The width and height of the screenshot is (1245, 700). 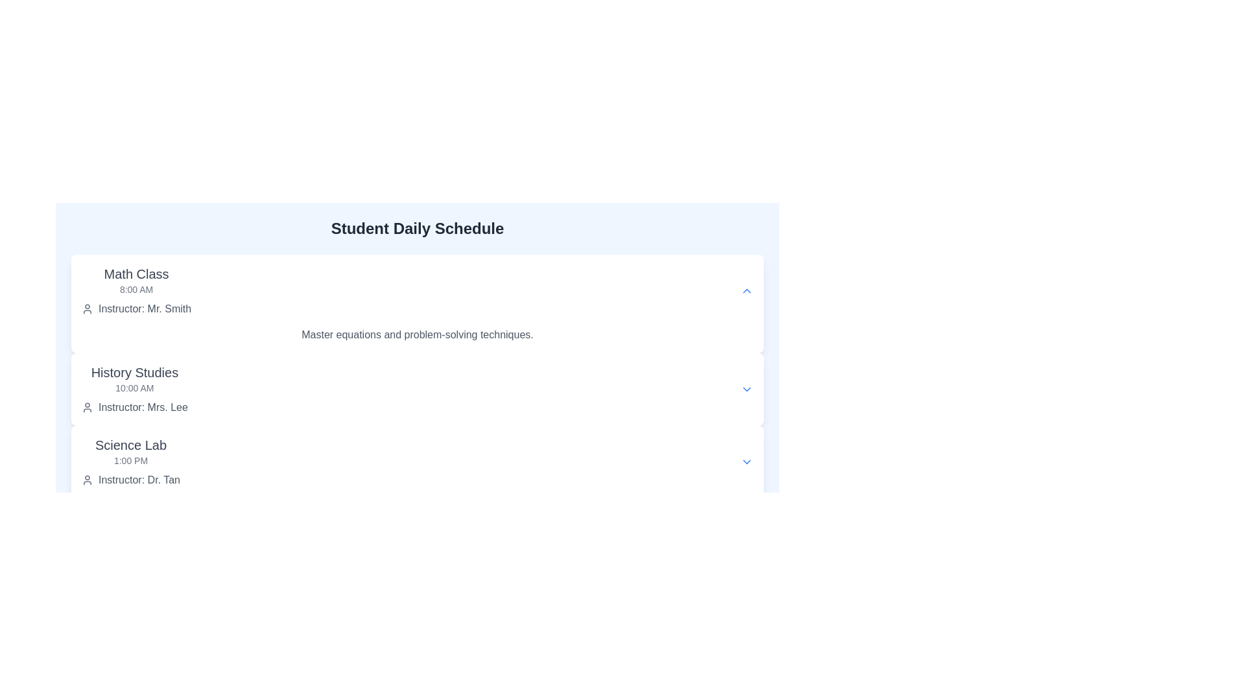 What do you see at coordinates (143, 406) in the screenshot?
I see `the text label displaying 'Instructor: Mrs. Lee' styled in gray color, located under the 'History Studies' section, positioned to the right of a circular user icon` at bounding box center [143, 406].